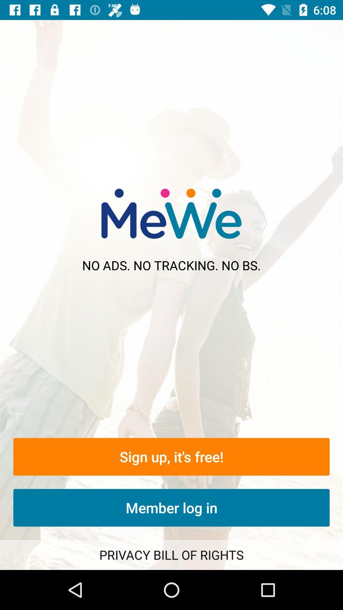 The image size is (343, 610). What do you see at coordinates (171, 507) in the screenshot?
I see `the member log in item` at bounding box center [171, 507].